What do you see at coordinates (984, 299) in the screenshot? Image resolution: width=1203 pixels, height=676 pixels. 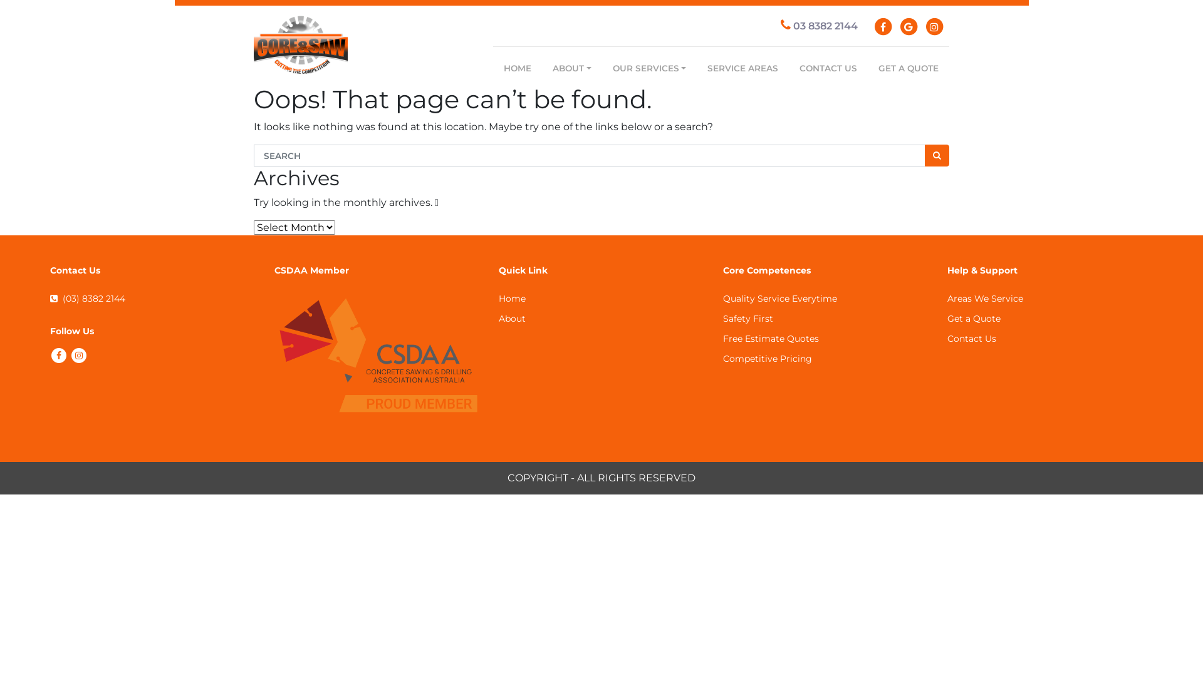 I see `'Areas We Service'` at bounding box center [984, 299].